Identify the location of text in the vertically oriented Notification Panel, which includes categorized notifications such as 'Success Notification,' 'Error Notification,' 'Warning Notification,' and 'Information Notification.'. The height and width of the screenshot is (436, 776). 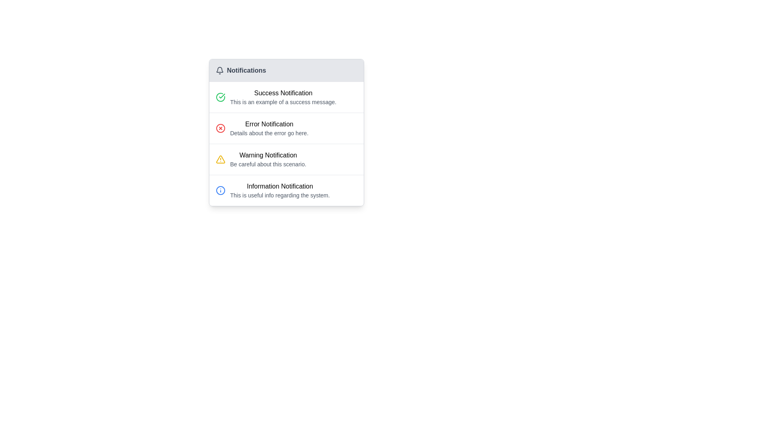
(286, 132).